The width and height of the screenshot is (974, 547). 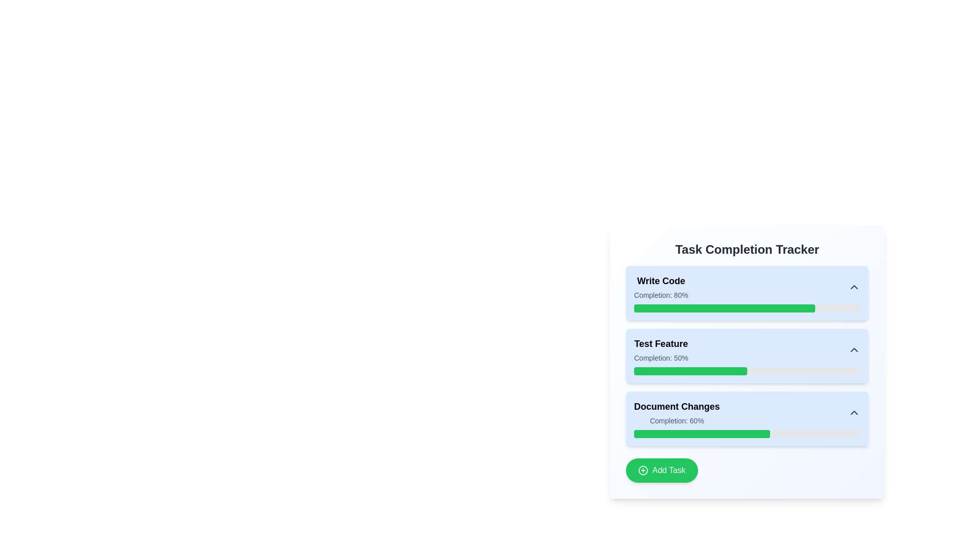 What do you see at coordinates (661, 357) in the screenshot?
I see `the informational text label that displays the completion percentage of the 'Test Feature' task, located below the title 'Test Feature' and above the green progress bar in the second card of a vertical stack` at bounding box center [661, 357].